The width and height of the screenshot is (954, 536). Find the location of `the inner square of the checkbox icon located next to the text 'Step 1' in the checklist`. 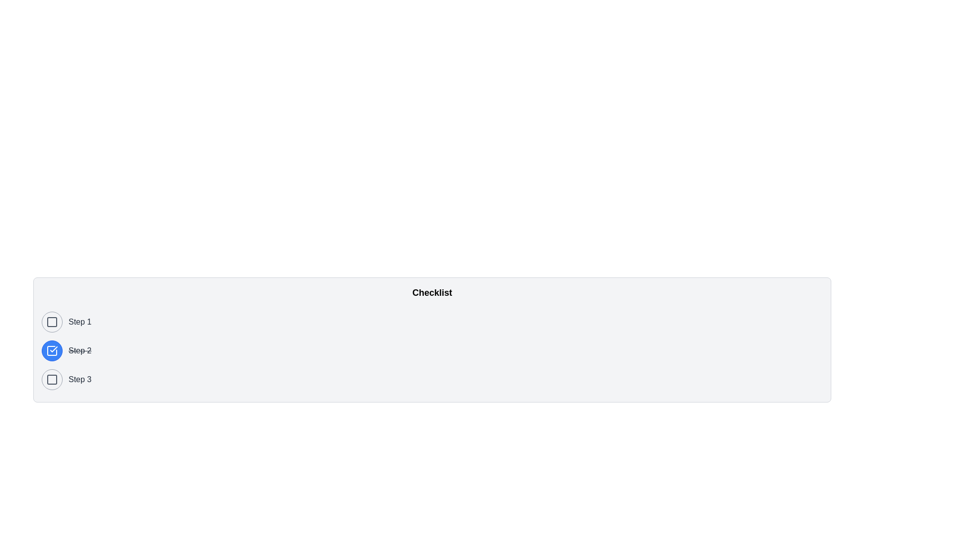

the inner square of the checkbox icon located next to the text 'Step 1' in the checklist is located at coordinates (52, 322).